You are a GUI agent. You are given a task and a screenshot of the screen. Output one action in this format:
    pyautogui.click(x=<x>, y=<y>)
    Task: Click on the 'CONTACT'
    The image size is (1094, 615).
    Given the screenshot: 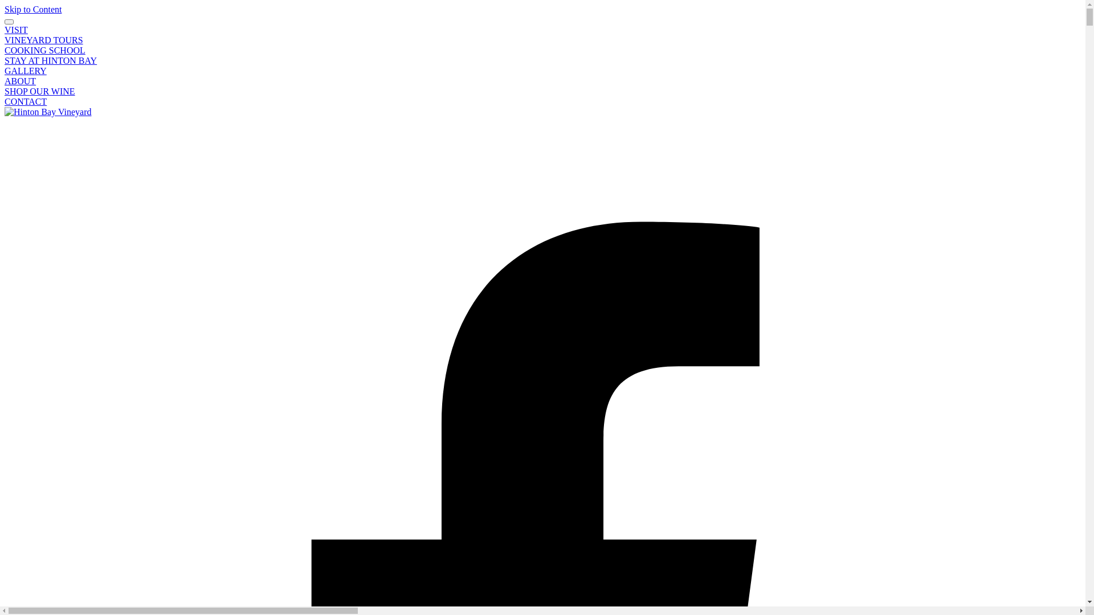 What is the action you would take?
    pyautogui.click(x=25, y=101)
    